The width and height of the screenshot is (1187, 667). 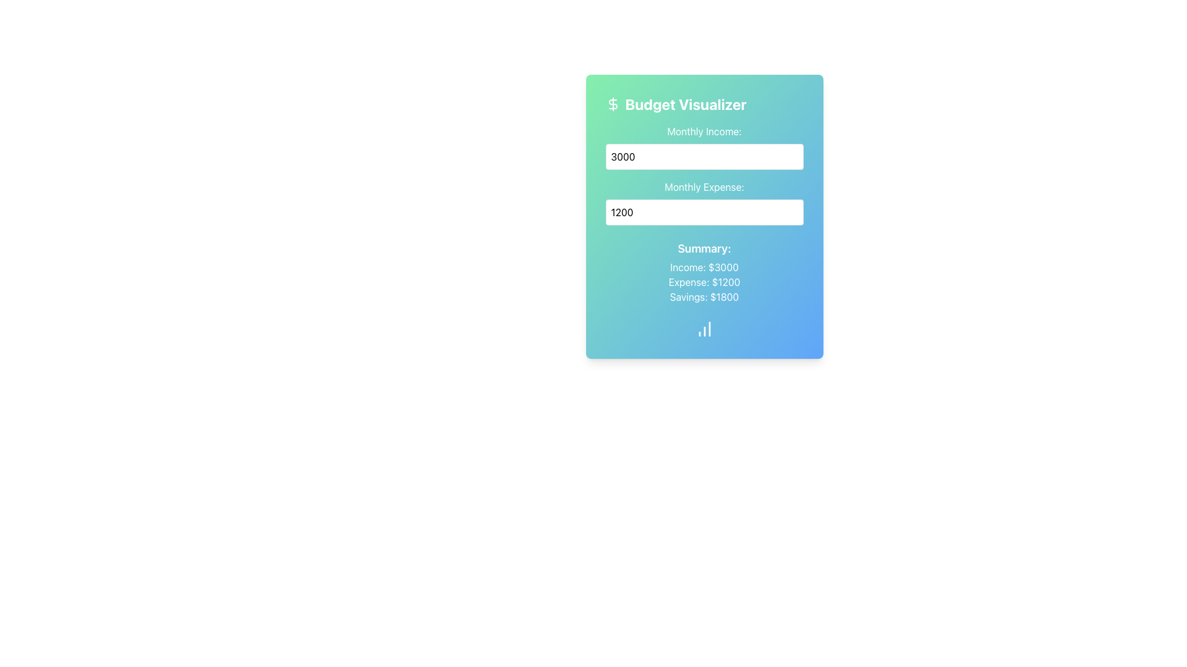 I want to click on the icon located at the bottom of the 'Budget Visualizer' card, which represents data visualization or analytics, so click(x=704, y=328).